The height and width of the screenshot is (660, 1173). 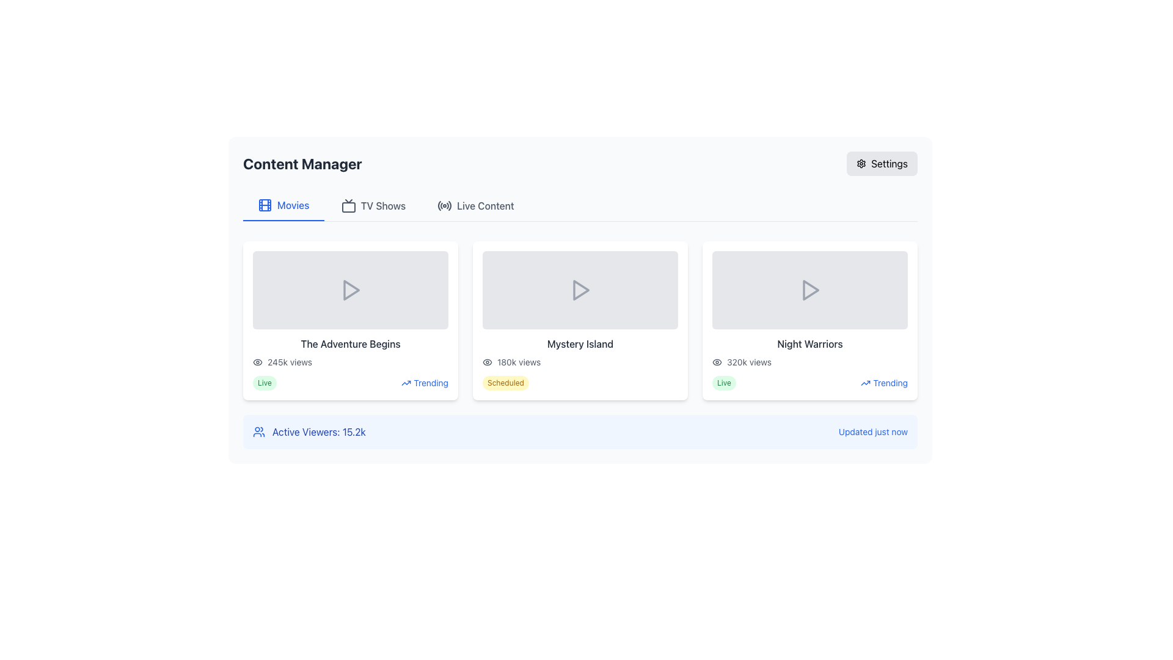 What do you see at coordinates (884, 383) in the screenshot?
I see `the trending label located in the bottom-right corner of the 'Night Warriors' content card in the 'Content Manager' dashboard` at bounding box center [884, 383].